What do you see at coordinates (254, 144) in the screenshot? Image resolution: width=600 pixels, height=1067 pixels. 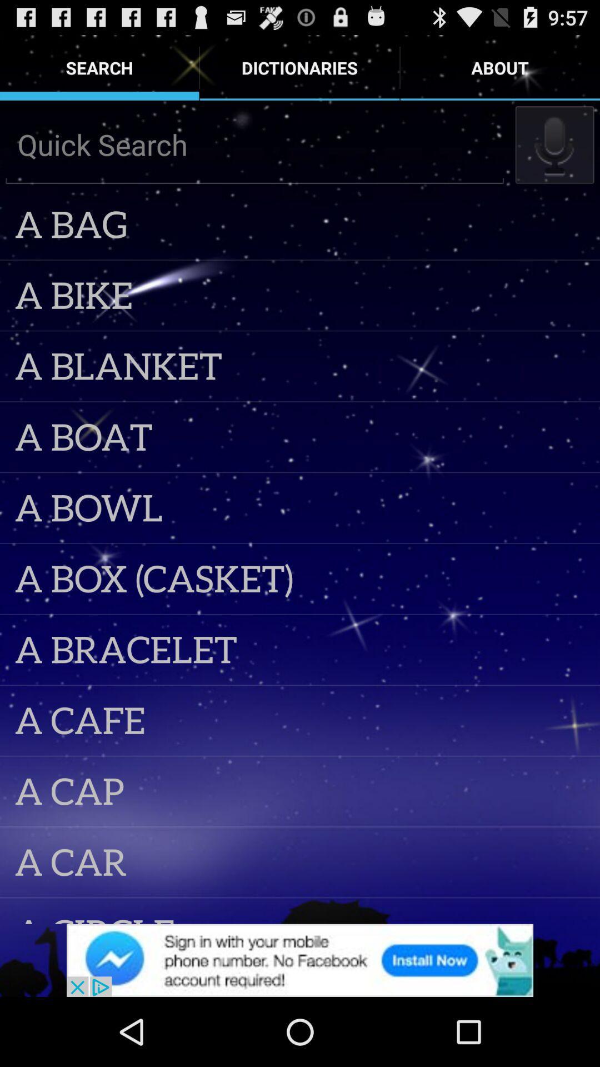 I see `the quick search option` at bounding box center [254, 144].